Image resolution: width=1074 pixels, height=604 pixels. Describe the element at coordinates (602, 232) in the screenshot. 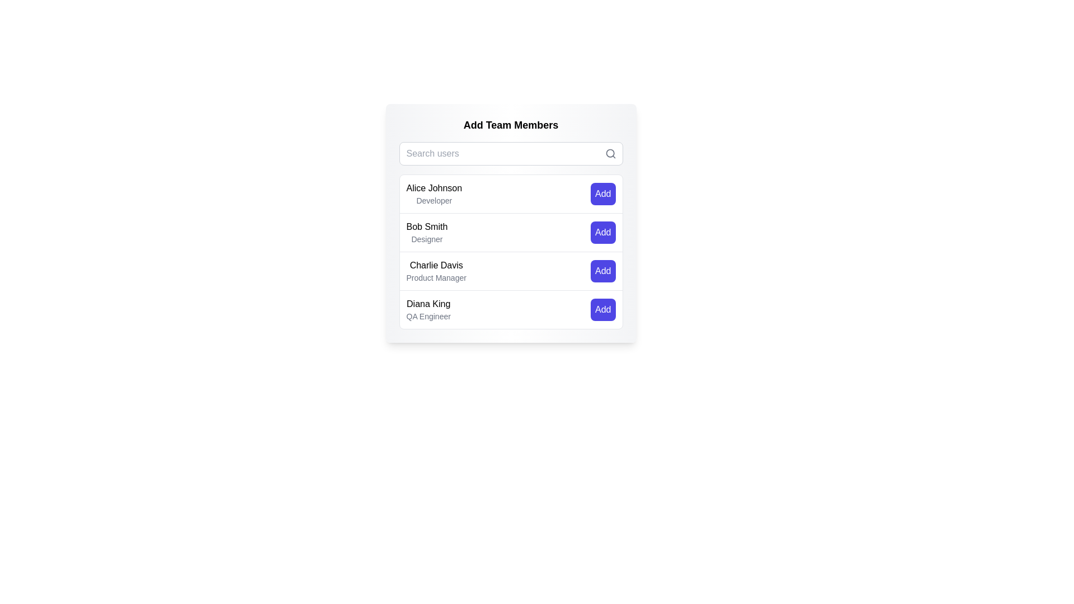

I see `the 'Add' button with a blue background and white text, positioned to the right of 'Bob Smith - Designer', to observe any interactive styling changes` at that location.